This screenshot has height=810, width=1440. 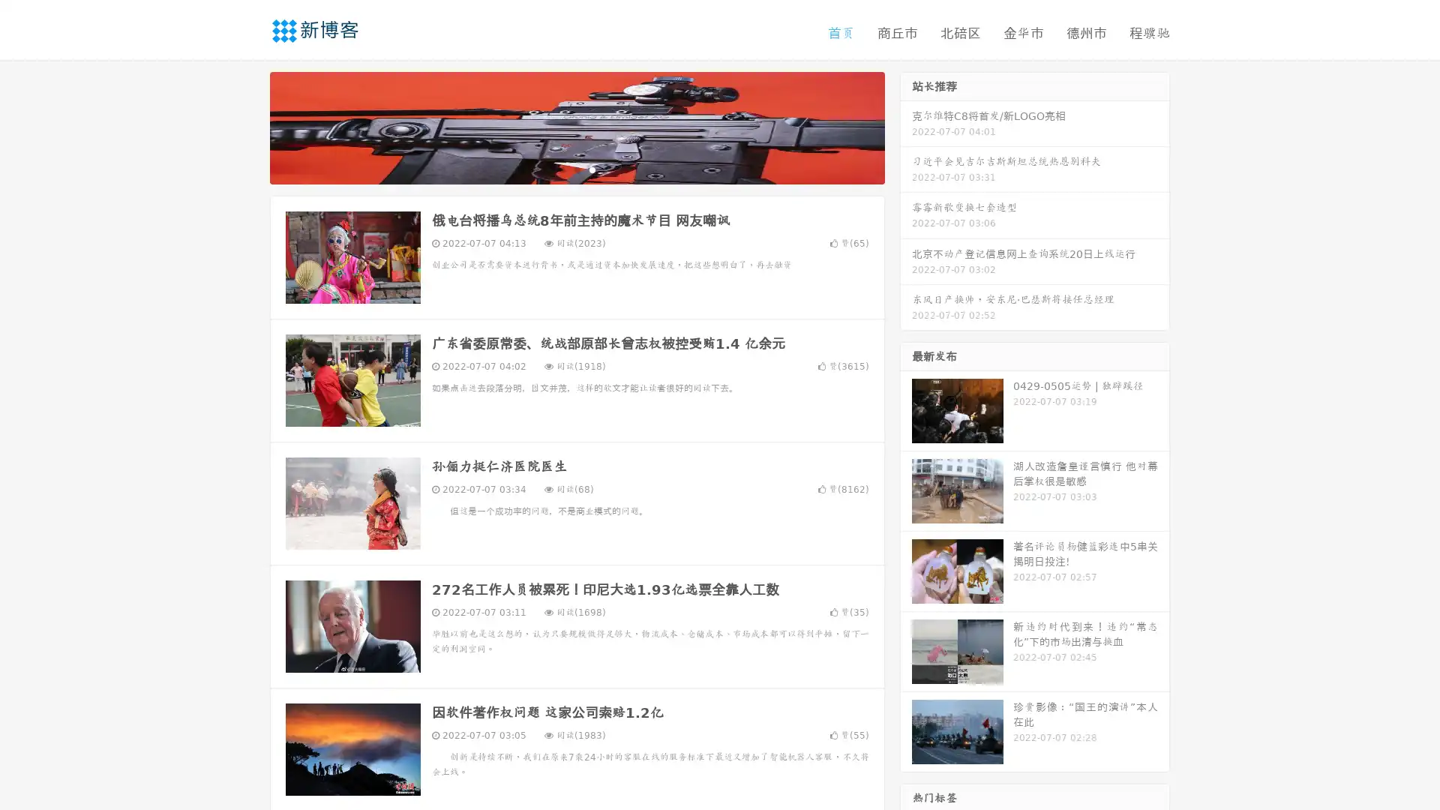 I want to click on Go to slide 2, so click(x=576, y=169).